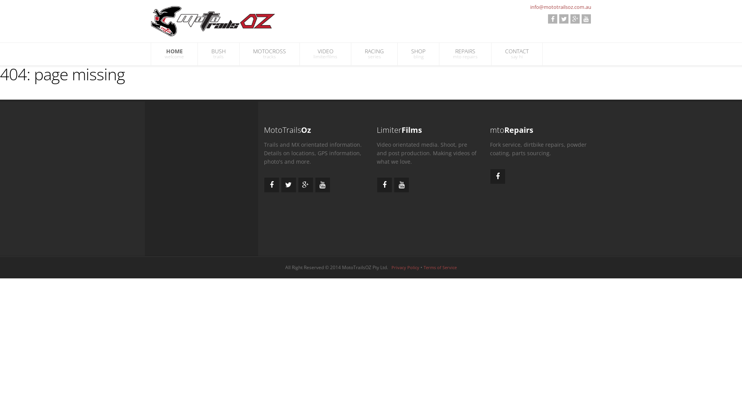  What do you see at coordinates (374, 53) in the screenshot?
I see `'RACING` at bounding box center [374, 53].